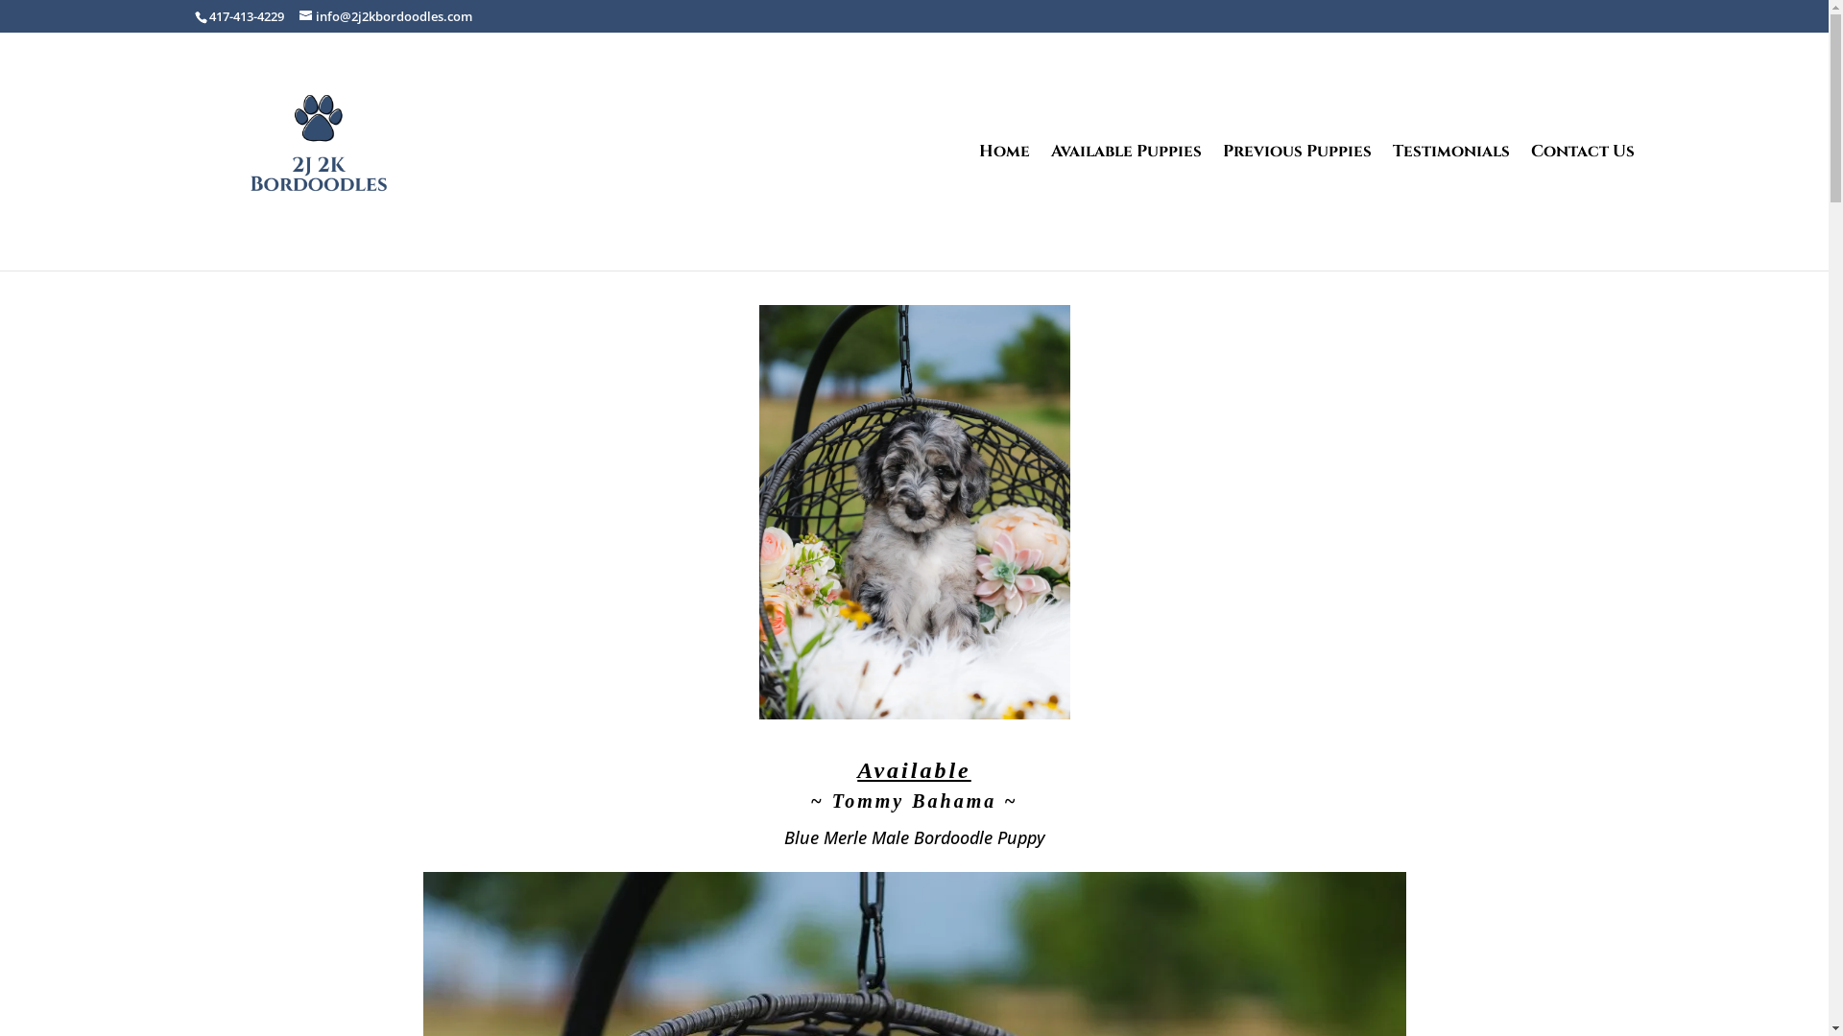  Describe the element at coordinates (1297, 206) in the screenshot. I see `'Previous Puppies'` at that location.